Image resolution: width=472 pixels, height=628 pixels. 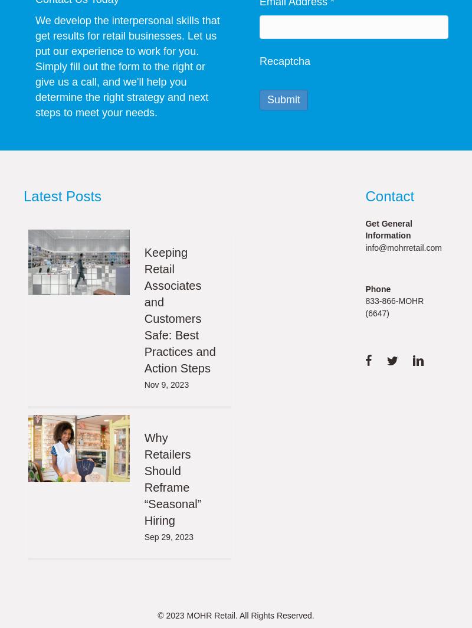 What do you see at coordinates (403, 247) in the screenshot?
I see `'info@mohrretail.com'` at bounding box center [403, 247].